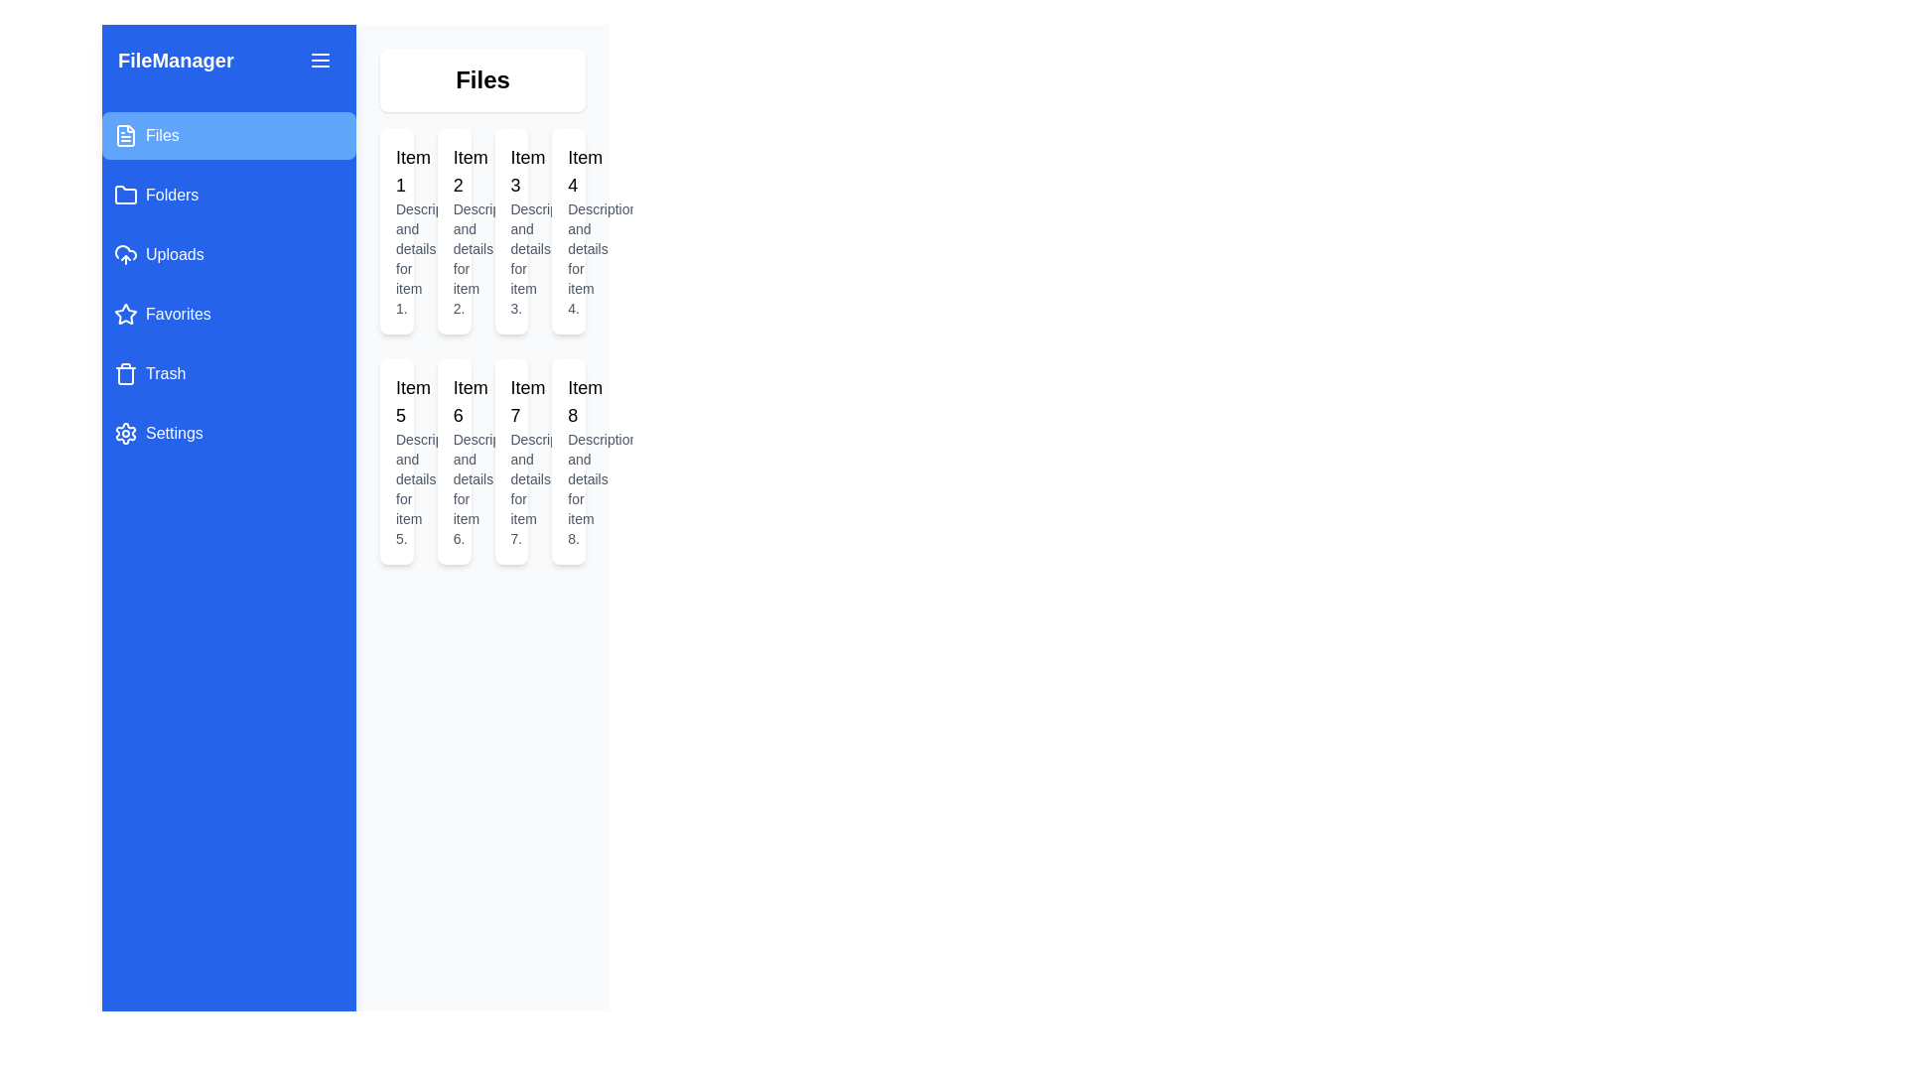  Describe the element at coordinates (453, 229) in the screenshot. I see `the Information card displaying details about 'Item 2', located in the top row, second column of the grid layout` at that location.